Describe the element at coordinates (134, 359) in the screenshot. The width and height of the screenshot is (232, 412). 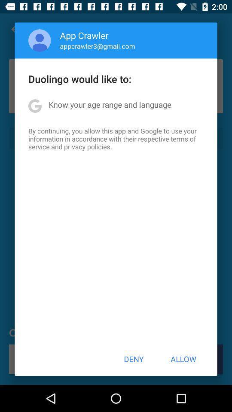
I see `item next to allow` at that location.